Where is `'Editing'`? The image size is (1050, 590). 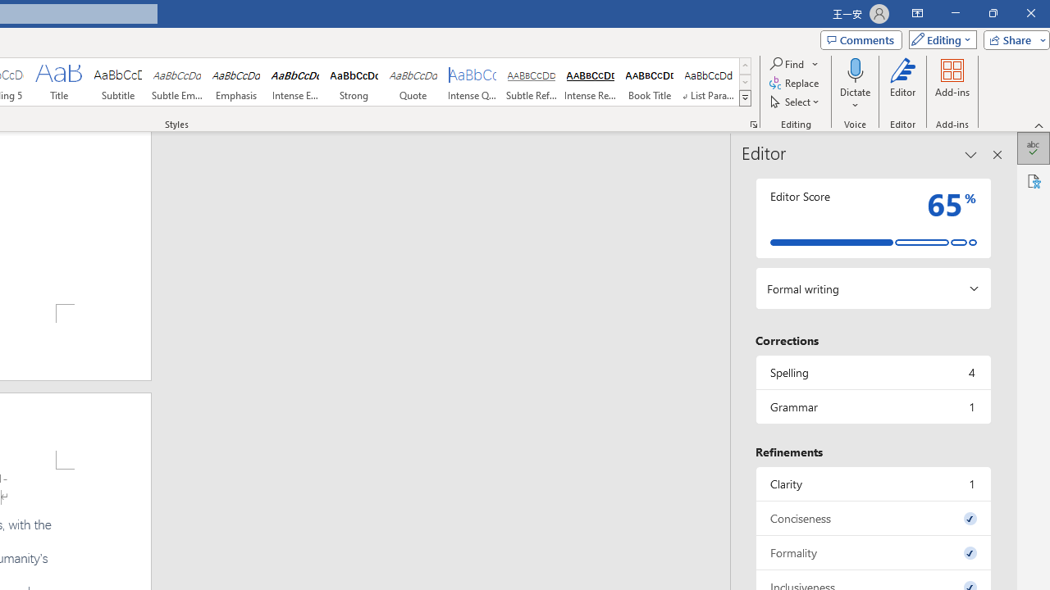 'Editing' is located at coordinates (938, 39).